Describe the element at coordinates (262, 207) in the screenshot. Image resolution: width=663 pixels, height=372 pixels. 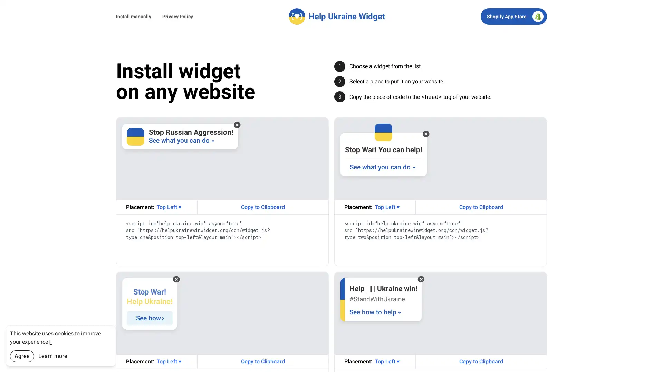
I see `Copy to Clipboard` at that location.